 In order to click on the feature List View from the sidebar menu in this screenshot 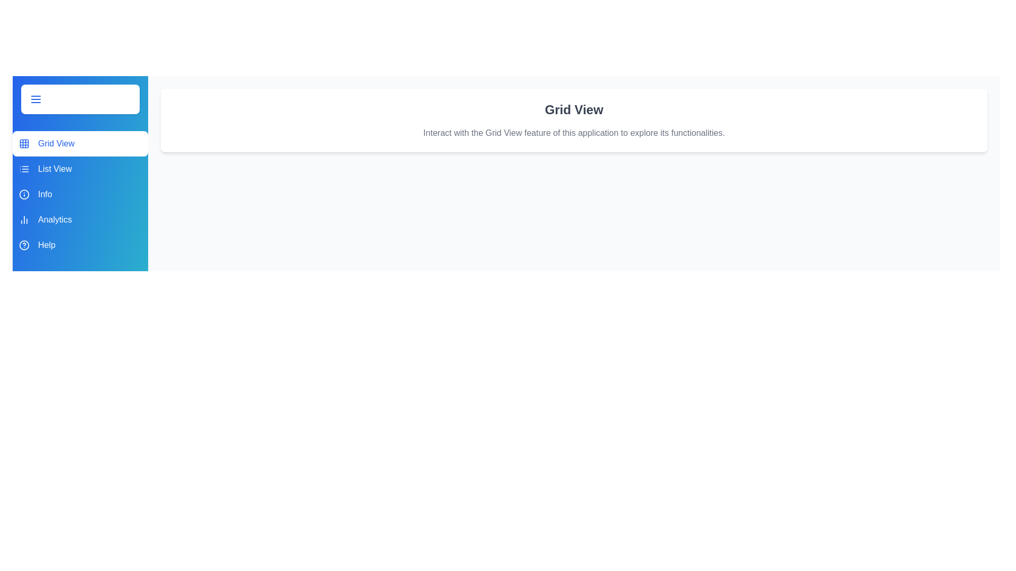, I will do `click(80, 169)`.